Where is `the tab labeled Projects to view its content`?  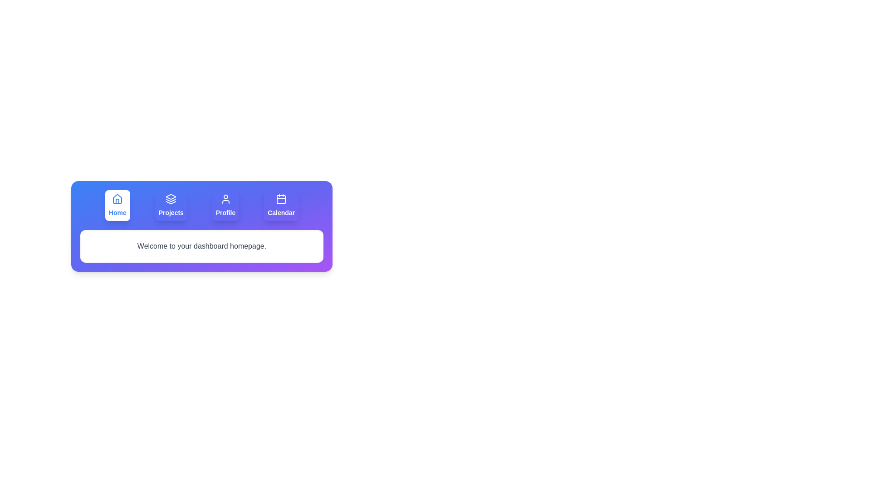
the tab labeled Projects to view its content is located at coordinates (171, 205).